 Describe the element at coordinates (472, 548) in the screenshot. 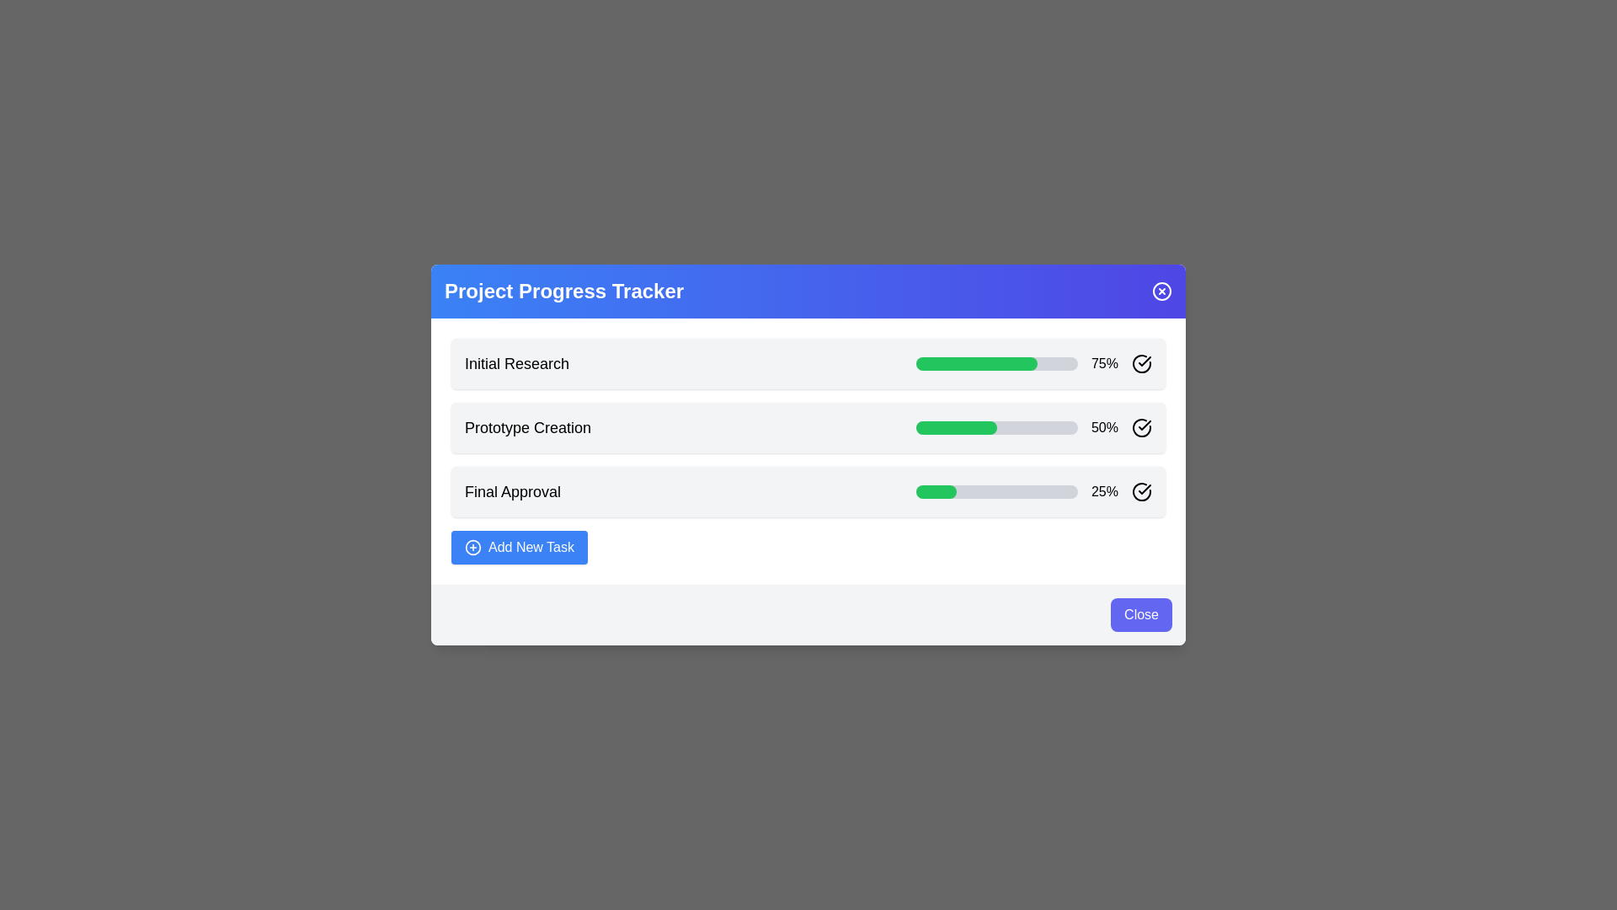

I see `the SVG circle element that serves as a decorative item for the 'Add New Task' button, located at the center of the icon representing a circle with a plus symbol, situated to the left of the button label` at that location.